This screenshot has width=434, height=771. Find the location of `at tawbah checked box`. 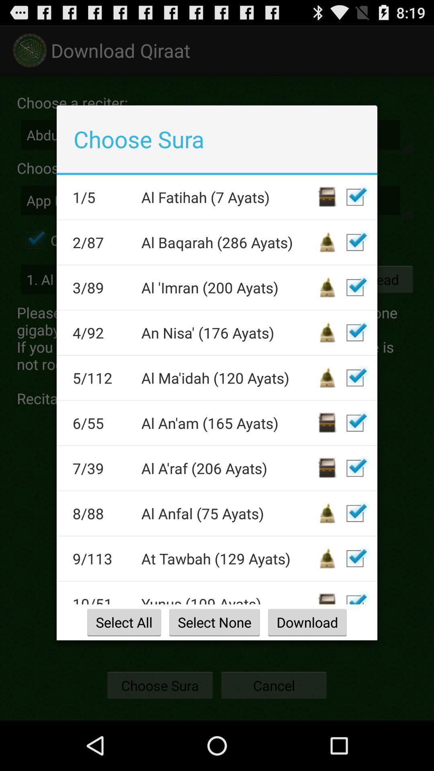

at tawbah checked box is located at coordinates (354, 558).